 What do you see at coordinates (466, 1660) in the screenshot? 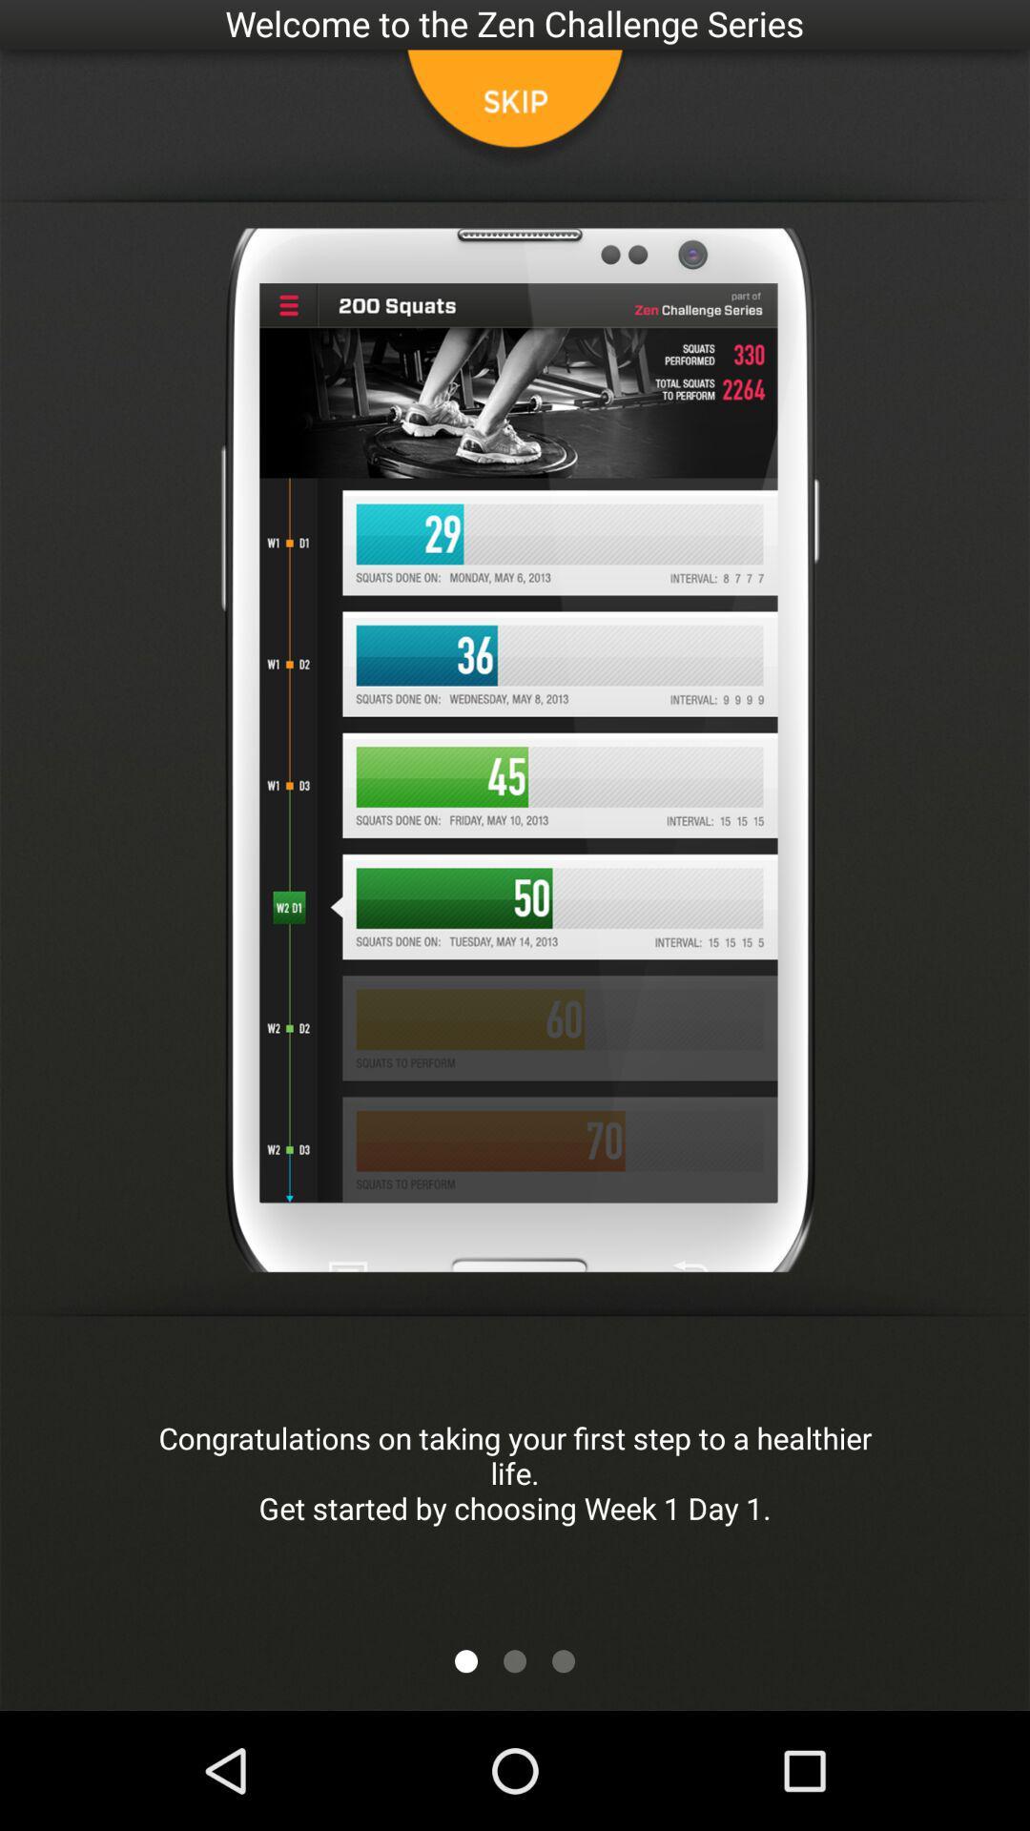
I see `display first image` at bounding box center [466, 1660].